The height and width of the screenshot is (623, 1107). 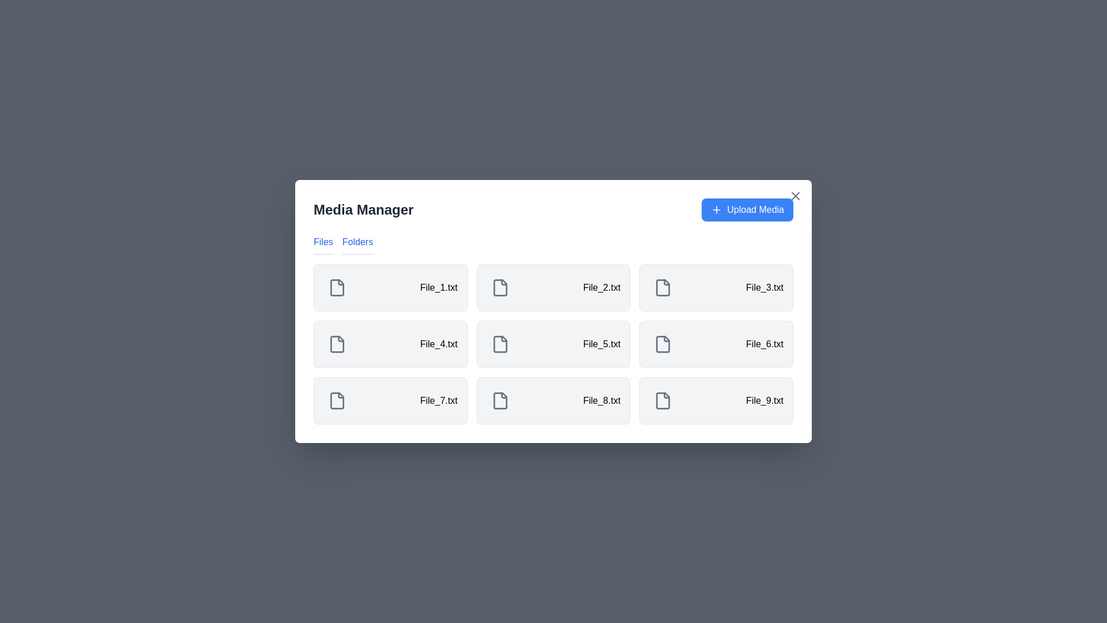 What do you see at coordinates (553, 311) in the screenshot?
I see `the central modal dialog box with a white background and rounded corners to interact with its elements` at bounding box center [553, 311].